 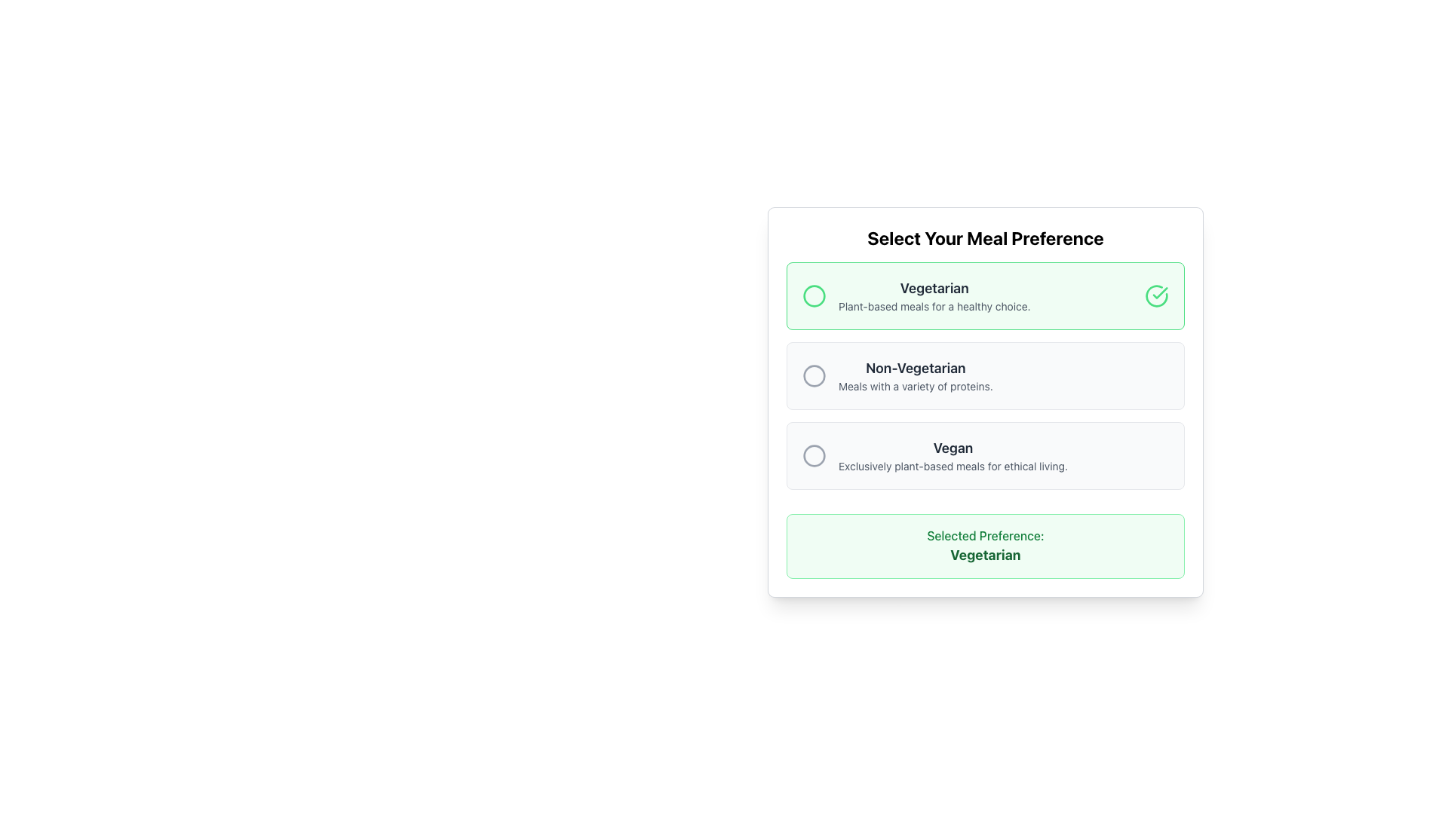 What do you see at coordinates (985, 375) in the screenshot?
I see `the selectable list item titled 'Non-Vegetarian'` at bounding box center [985, 375].